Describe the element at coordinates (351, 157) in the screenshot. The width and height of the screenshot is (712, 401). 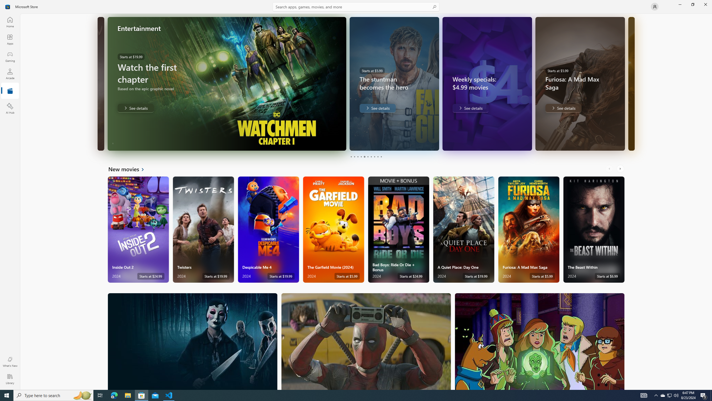
I see `'Page 1'` at that location.